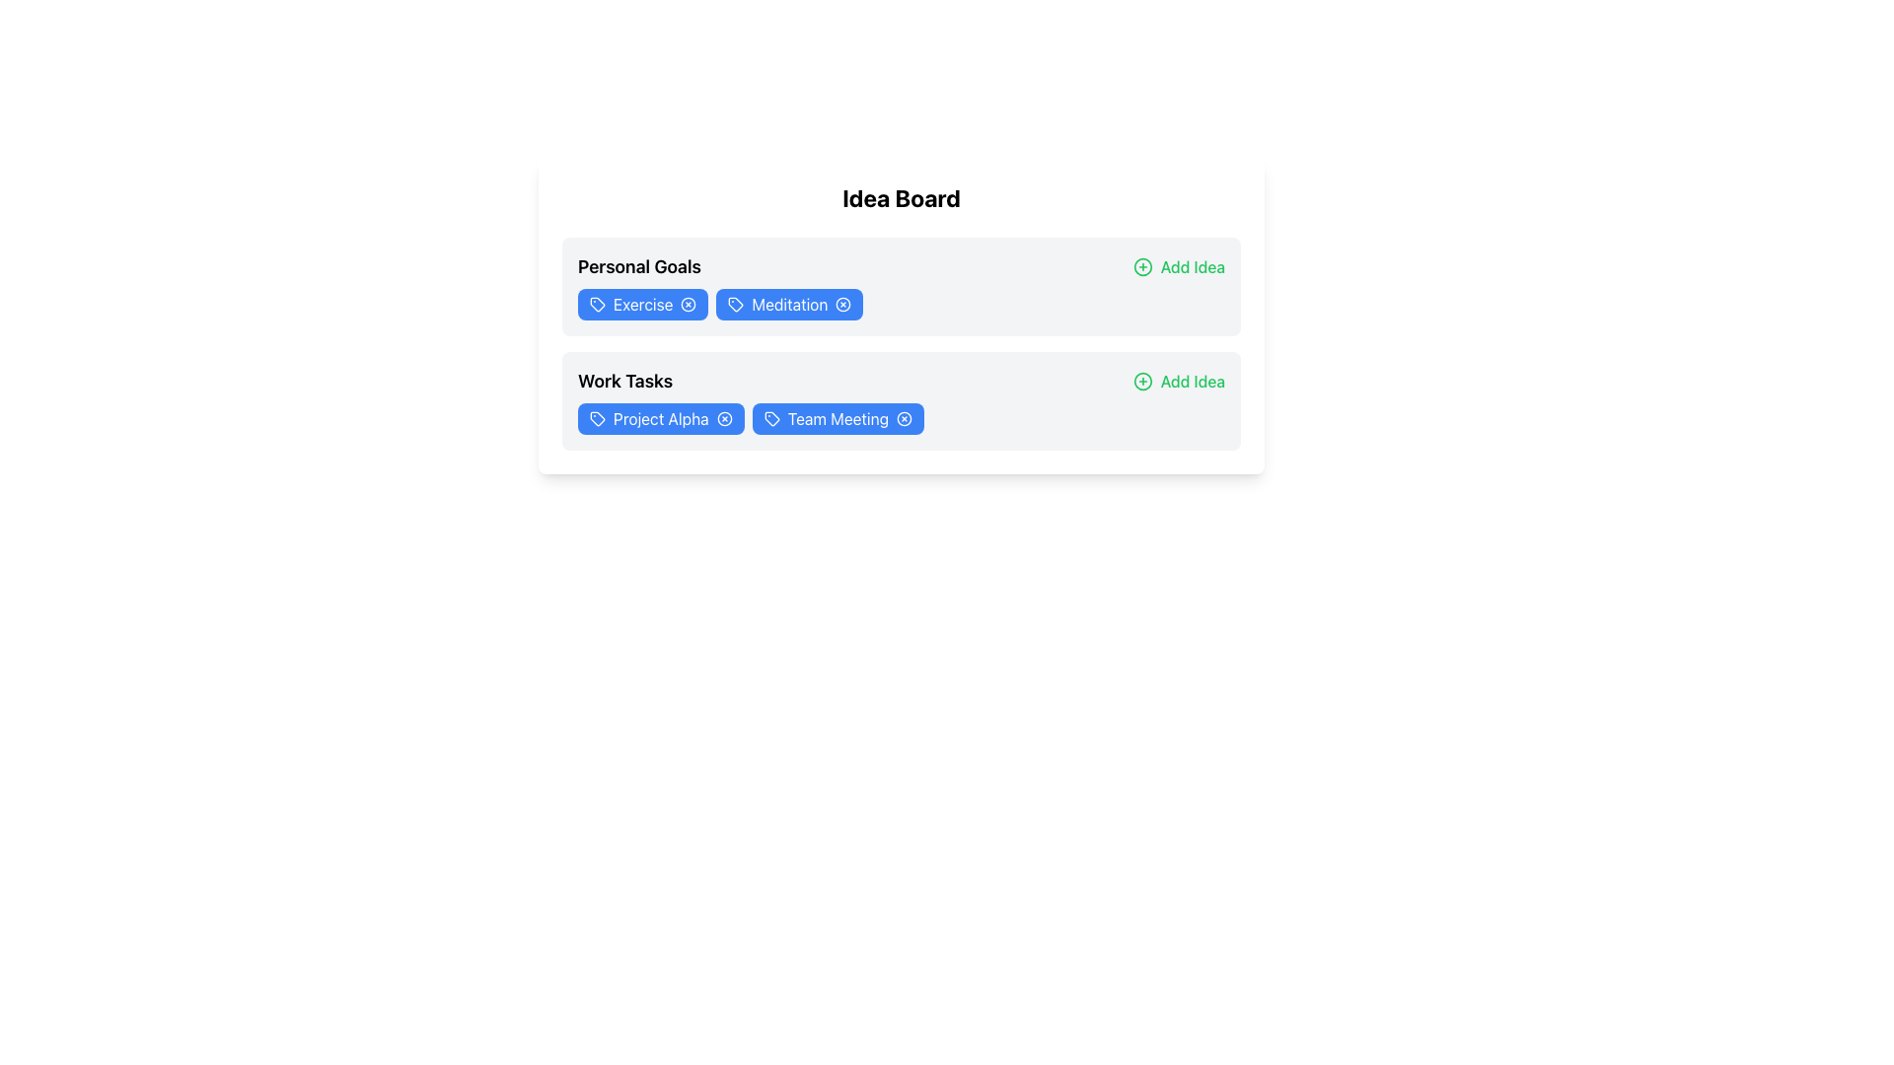  What do you see at coordinates (1142, 266) in the screenshot?
I see `the circular graphic within the 'Add Idea' button in the 'Personal Goals' section of the interface` at bounding box center [1142, 266].